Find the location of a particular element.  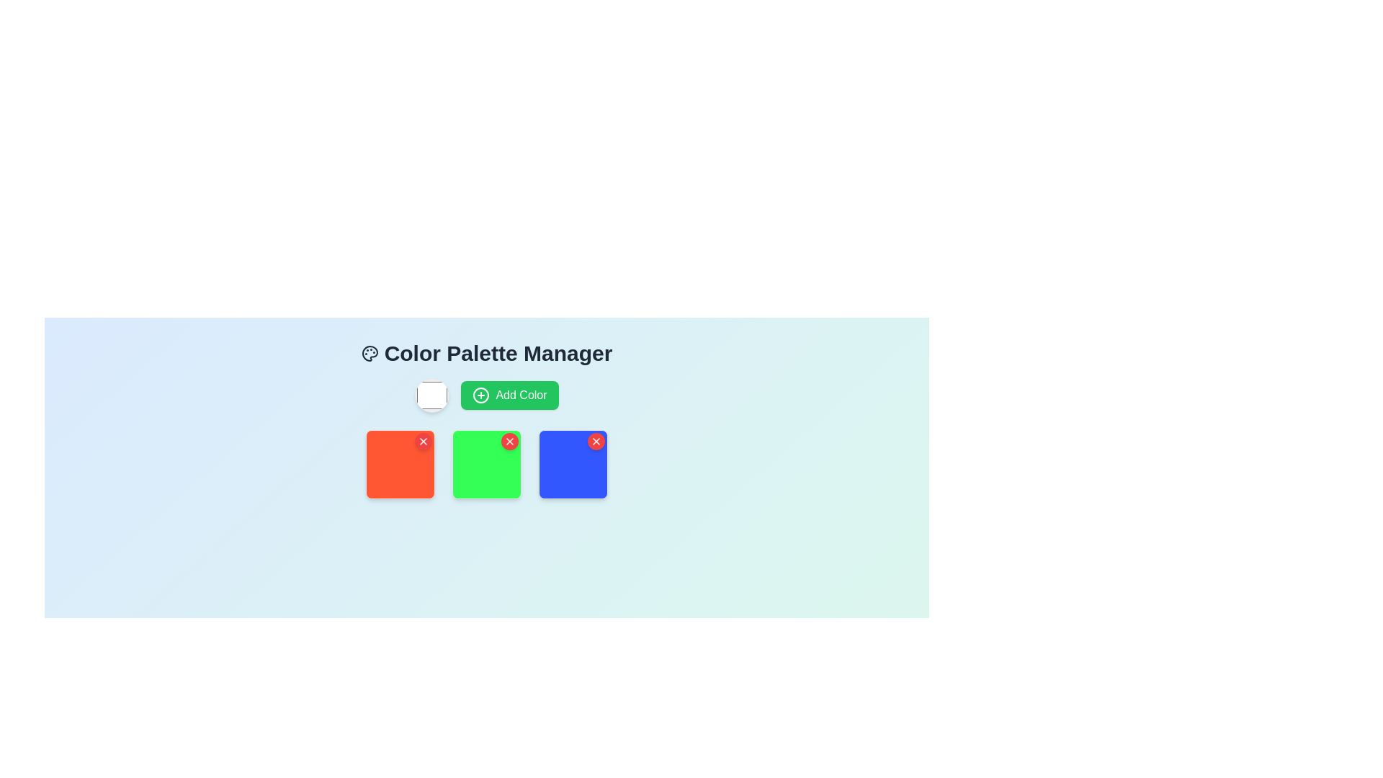

the delete button located at the top-right corner of the green color box is located at coordinates (510, 441).